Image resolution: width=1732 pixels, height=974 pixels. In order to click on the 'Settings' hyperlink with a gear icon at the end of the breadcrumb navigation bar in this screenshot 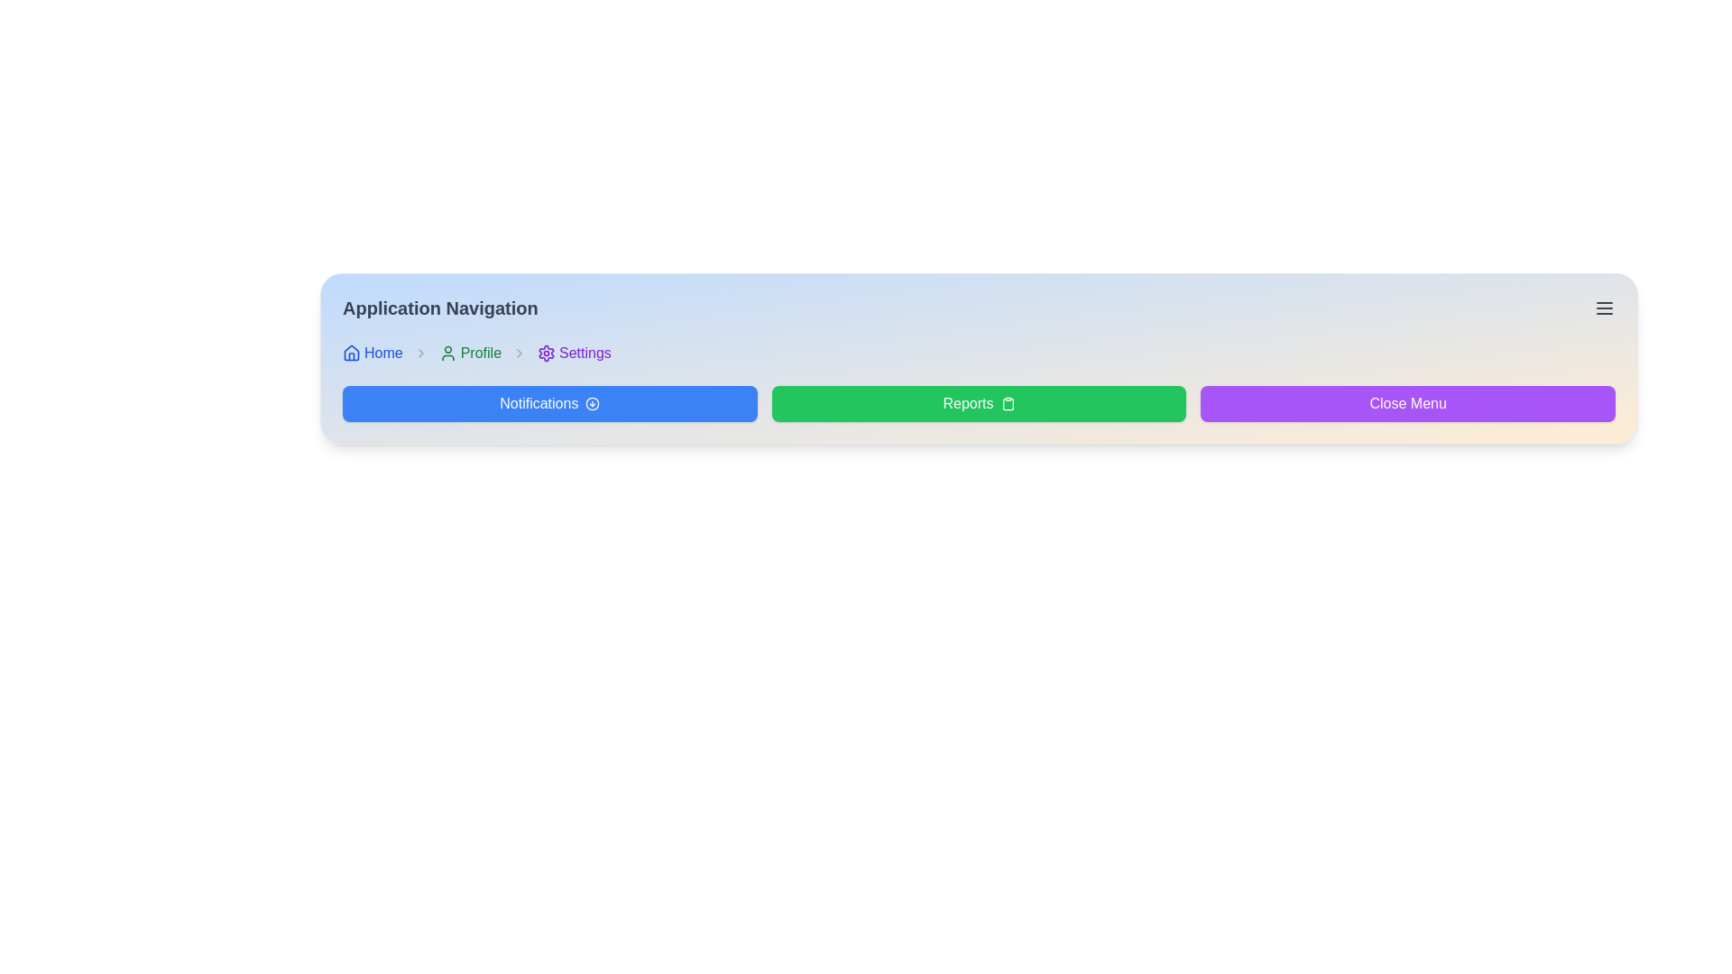, I will do `click(573, 354)`.